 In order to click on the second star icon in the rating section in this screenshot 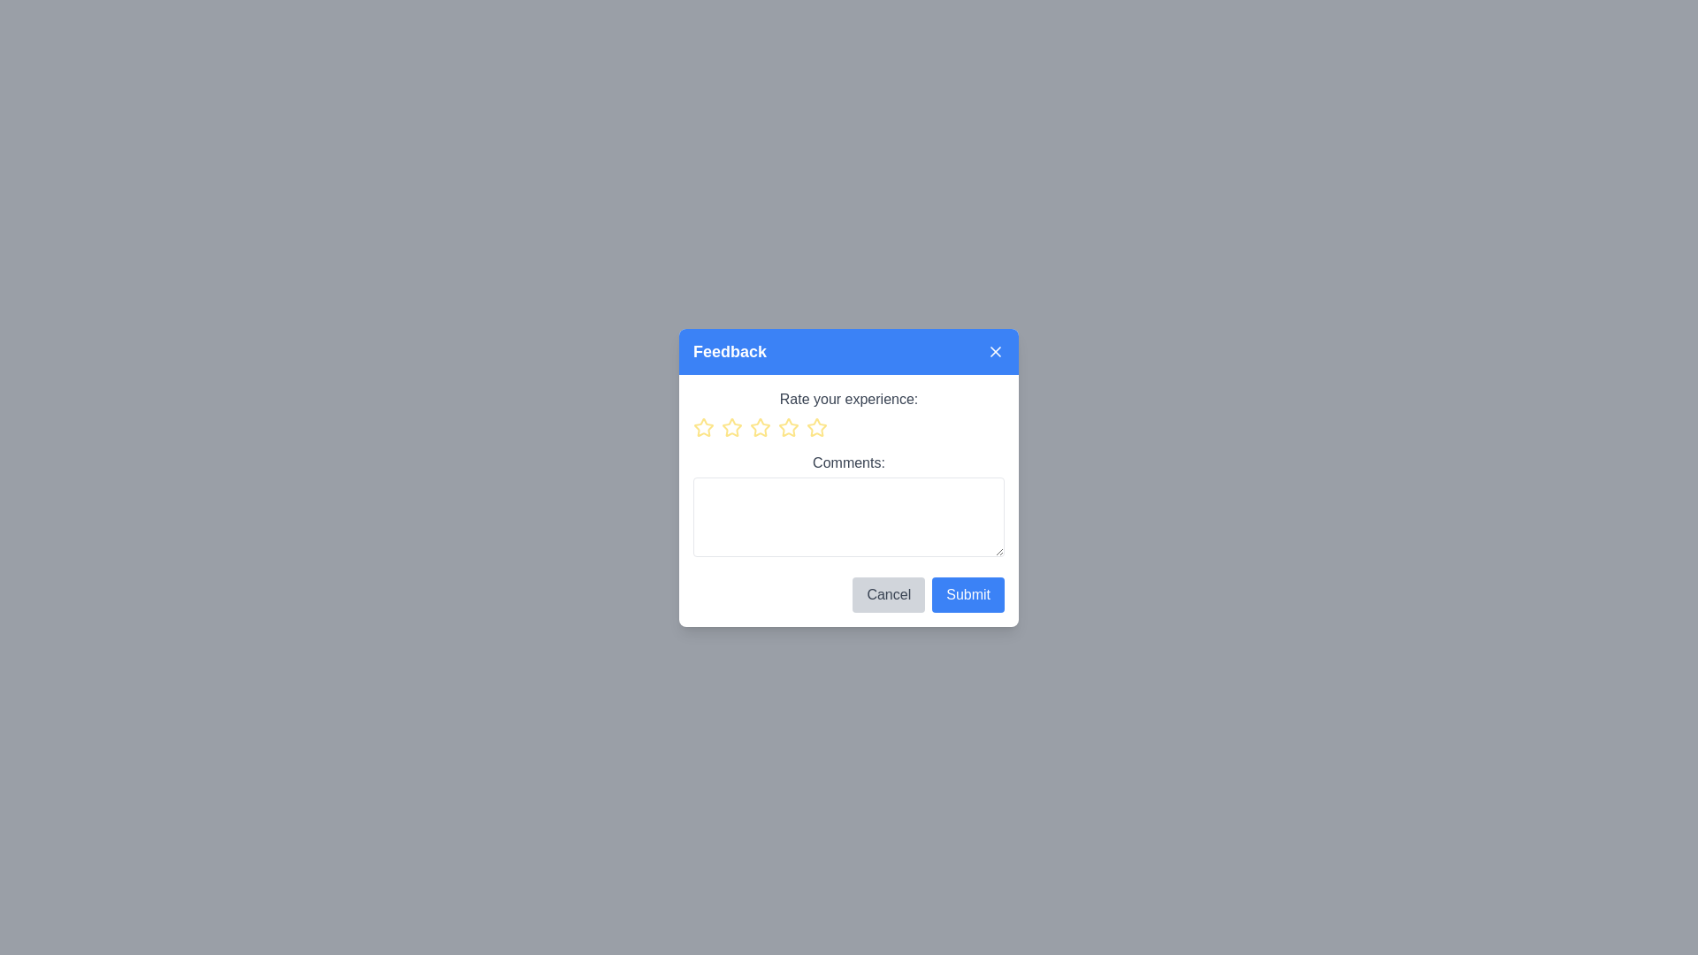, I will do `click(732, 427)`.